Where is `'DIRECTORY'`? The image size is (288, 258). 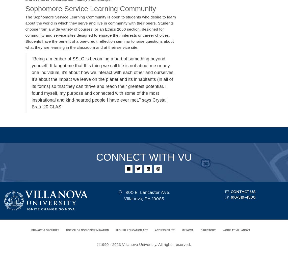
'DIRECTORY' is located at coordinates (208, 230).